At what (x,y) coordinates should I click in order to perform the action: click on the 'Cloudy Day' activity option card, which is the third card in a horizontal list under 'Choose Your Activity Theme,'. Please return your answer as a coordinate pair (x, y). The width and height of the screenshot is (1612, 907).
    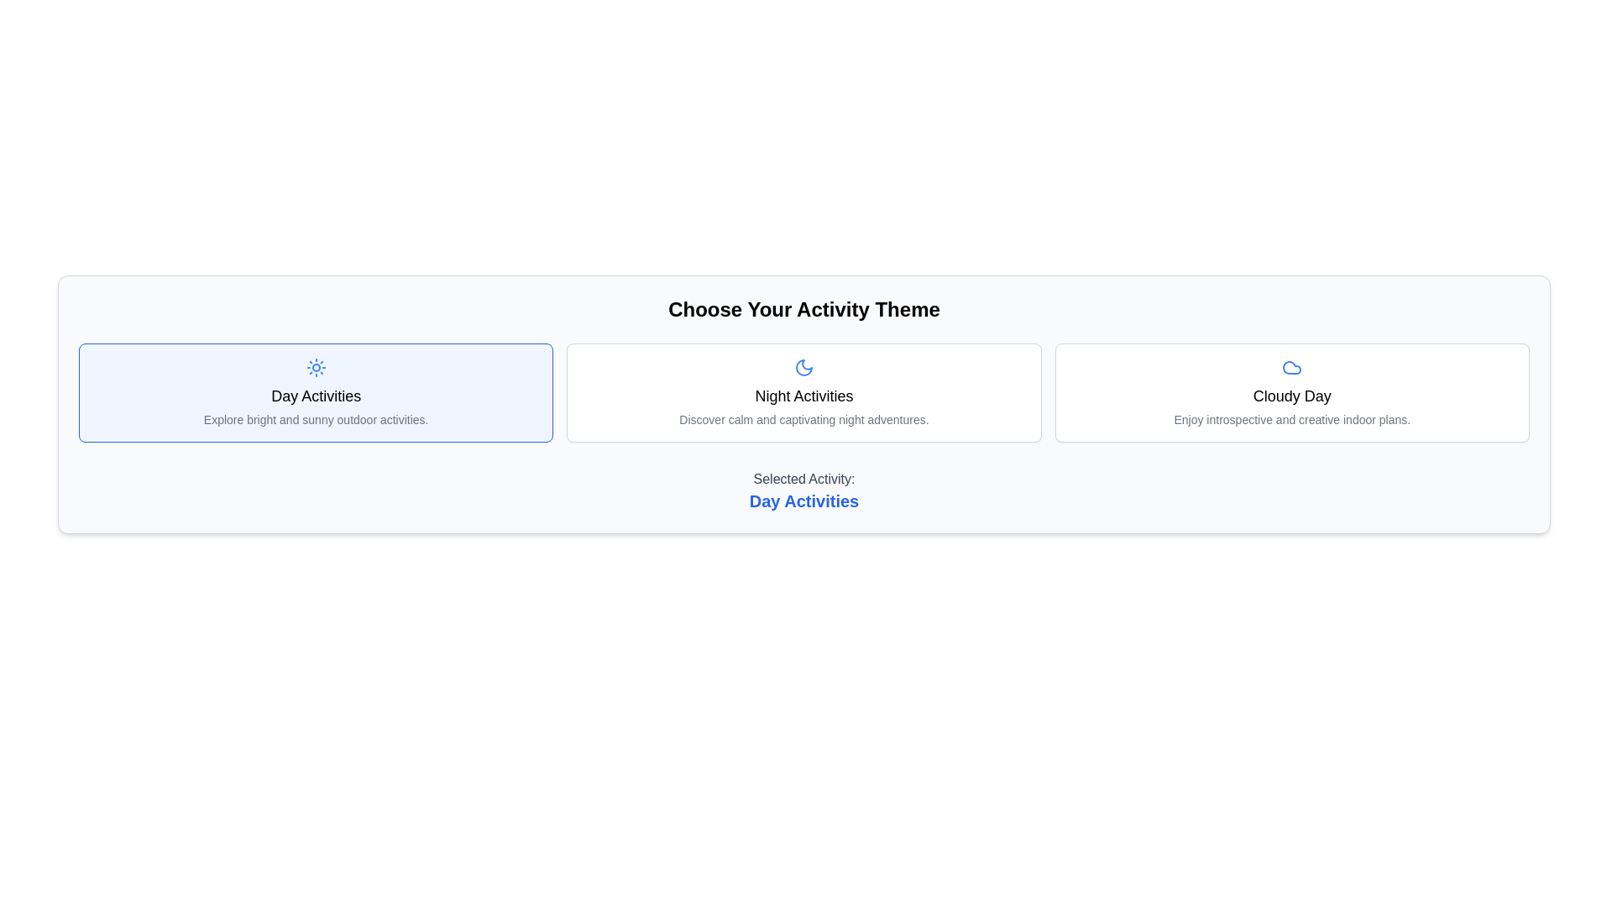
    Looking at the image, I should click on (1291, 392).